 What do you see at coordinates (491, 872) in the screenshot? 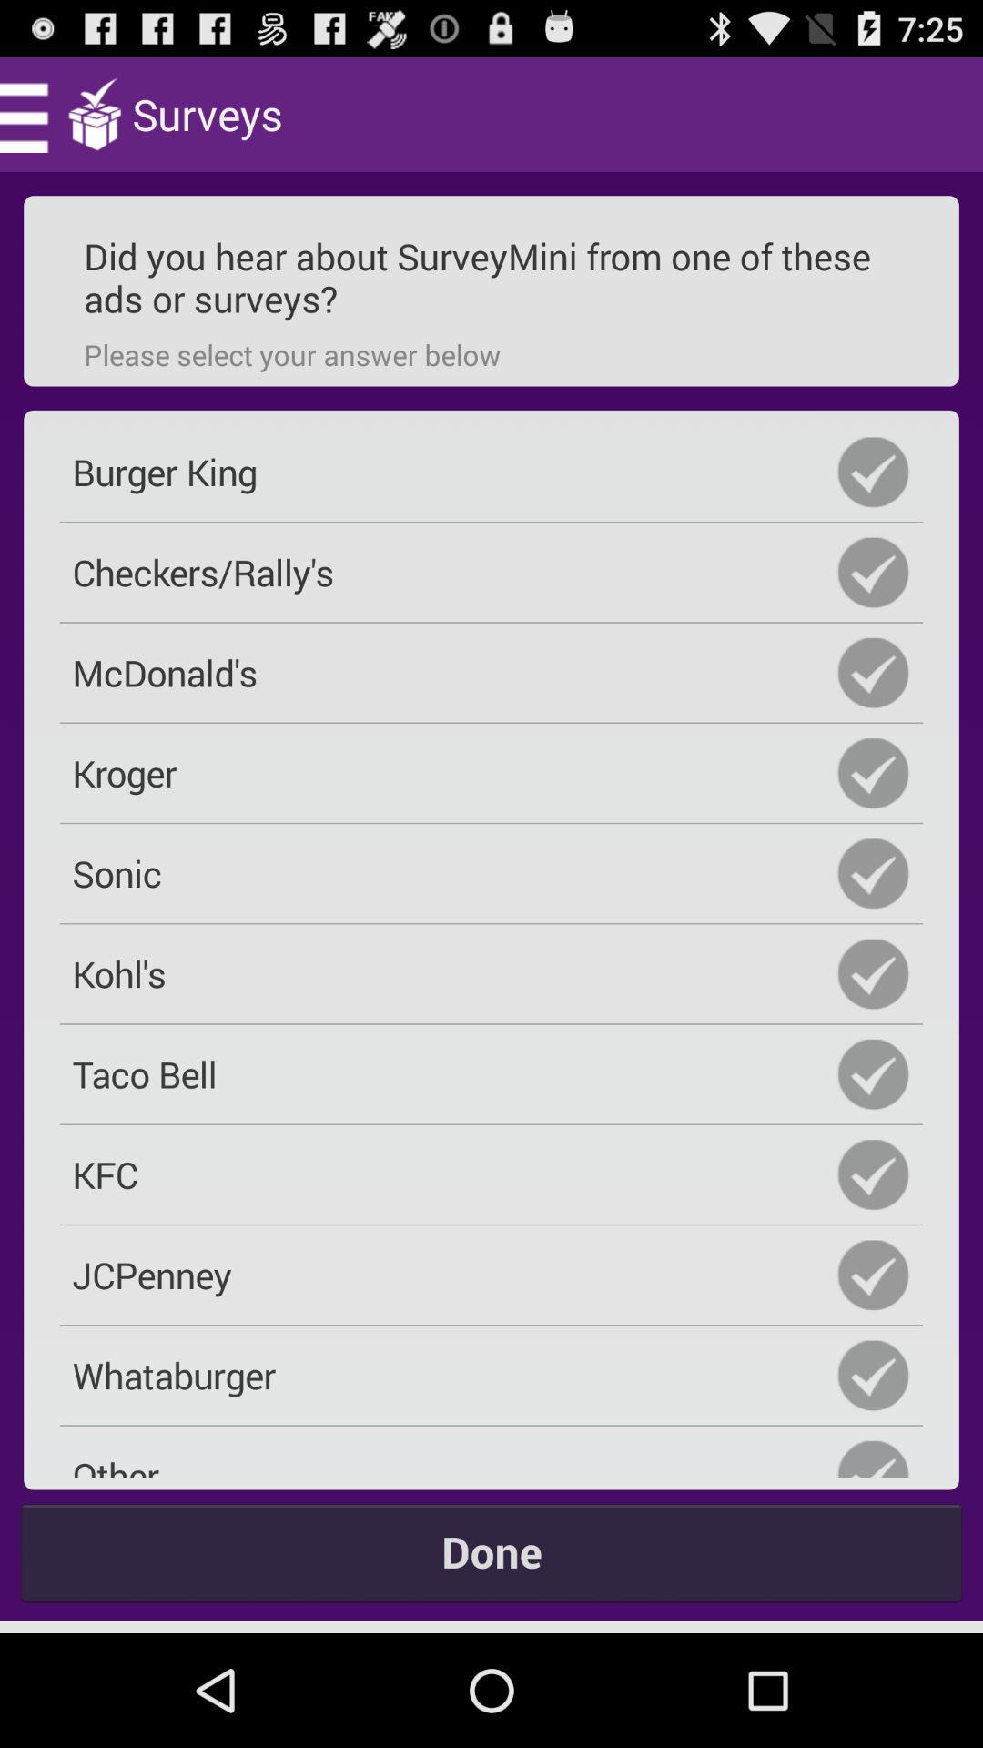
I see `the icon below the kroger icon` at bounding box center [491, 872].